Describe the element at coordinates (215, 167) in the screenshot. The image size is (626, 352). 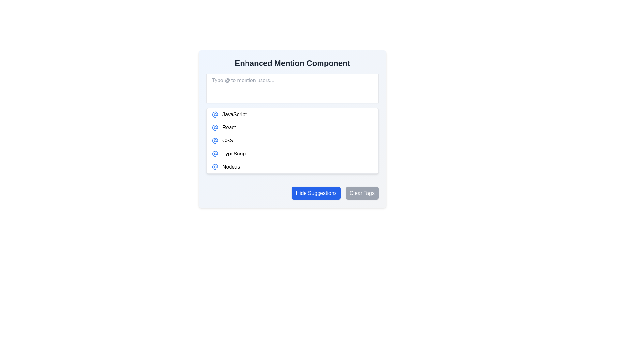
I see `the circular '@' icon with a blue outline, located to the left of the text 'Node.js' in the last entry of a vertically stacked list in a white drop-down panel below the input field labeled 'Type @ to mention users...'` at that location.